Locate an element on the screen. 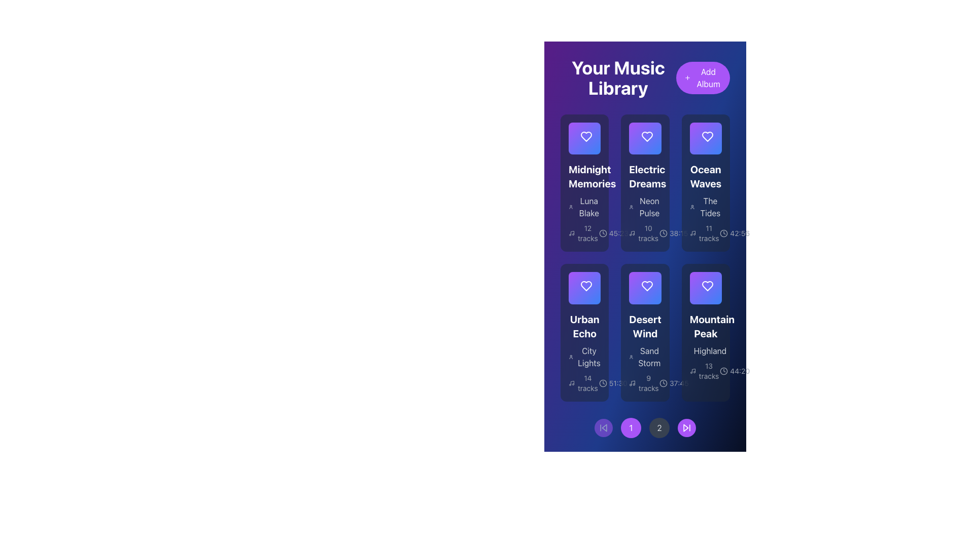  the static text indicating the number of tracks available in the 'Ocean Waves' album, located above the timestamp within the album card is located at coordinates (708, 233).